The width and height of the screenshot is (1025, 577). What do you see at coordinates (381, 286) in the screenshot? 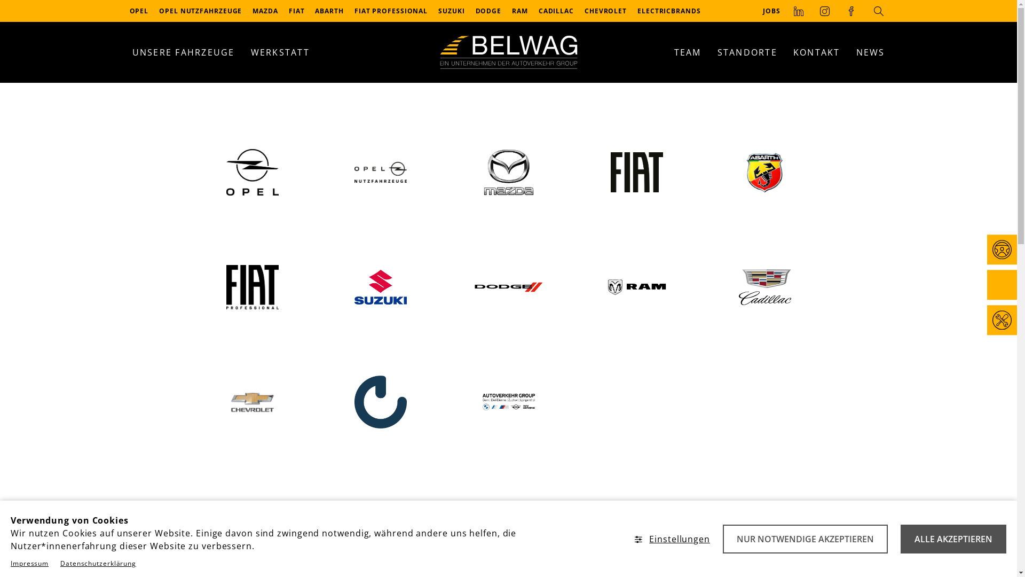
I see `'Suzuki'` at bounding box center [381, 286].